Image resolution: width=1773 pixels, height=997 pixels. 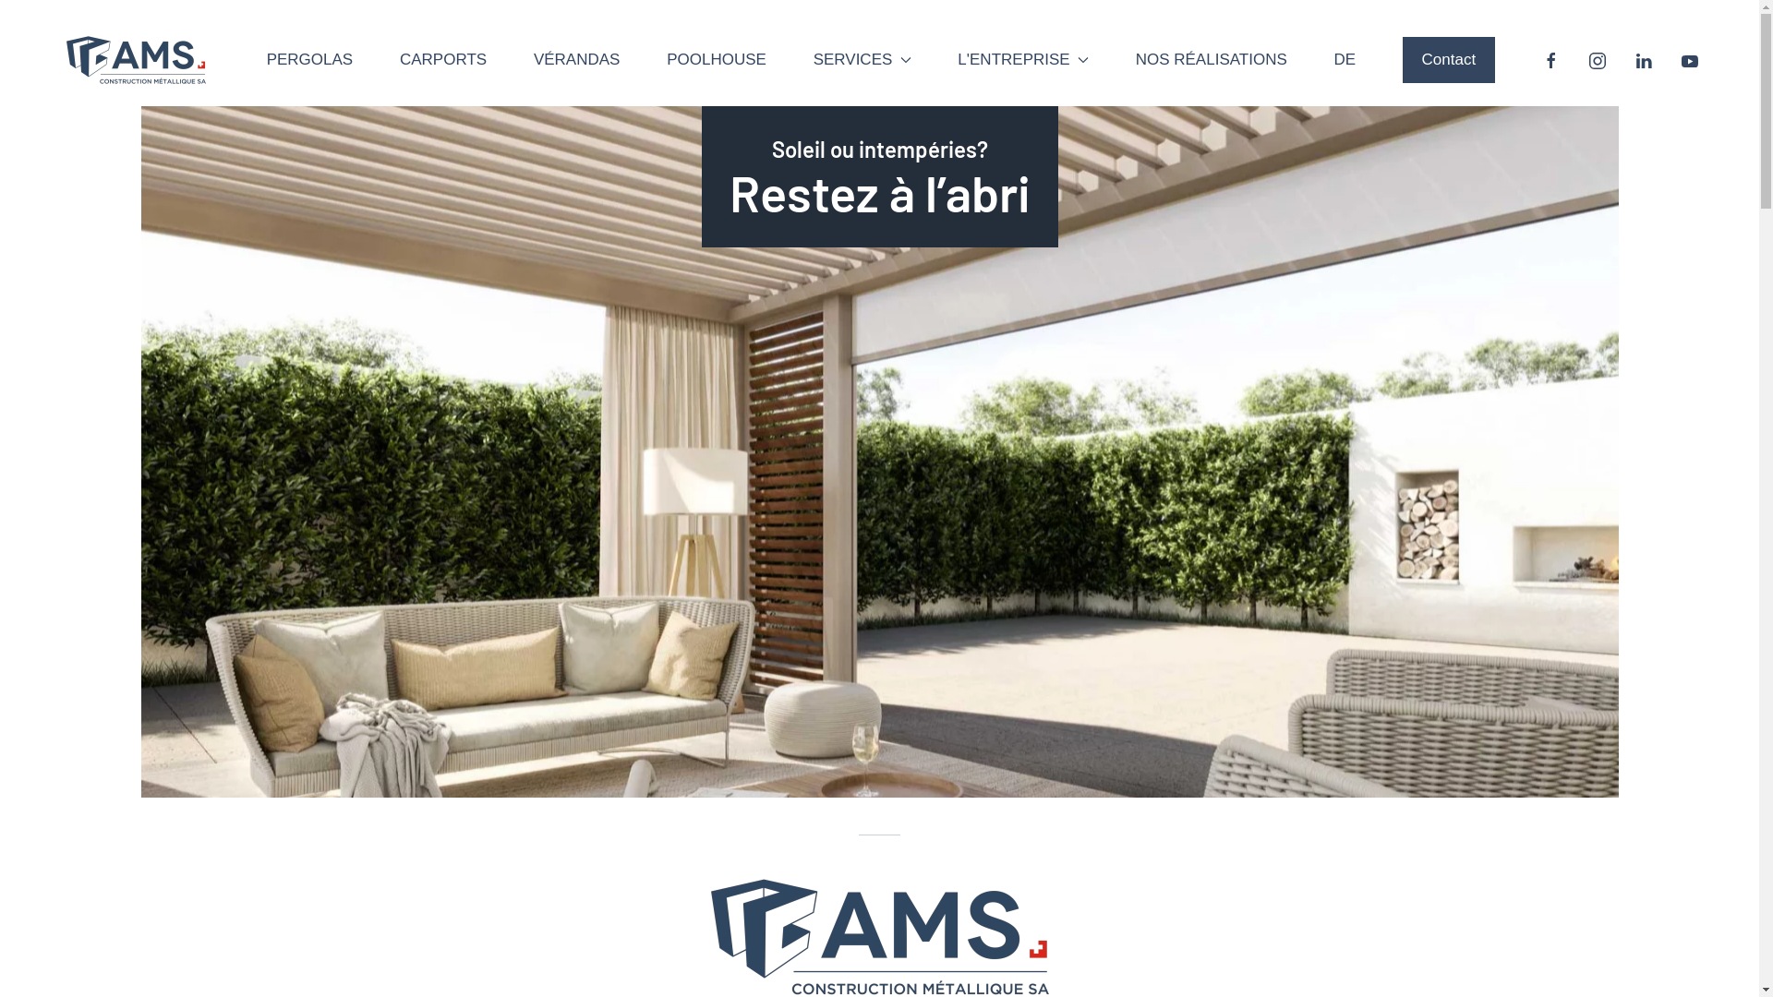 I want to click on 'CARPORTS', so click(x=443, y=59).